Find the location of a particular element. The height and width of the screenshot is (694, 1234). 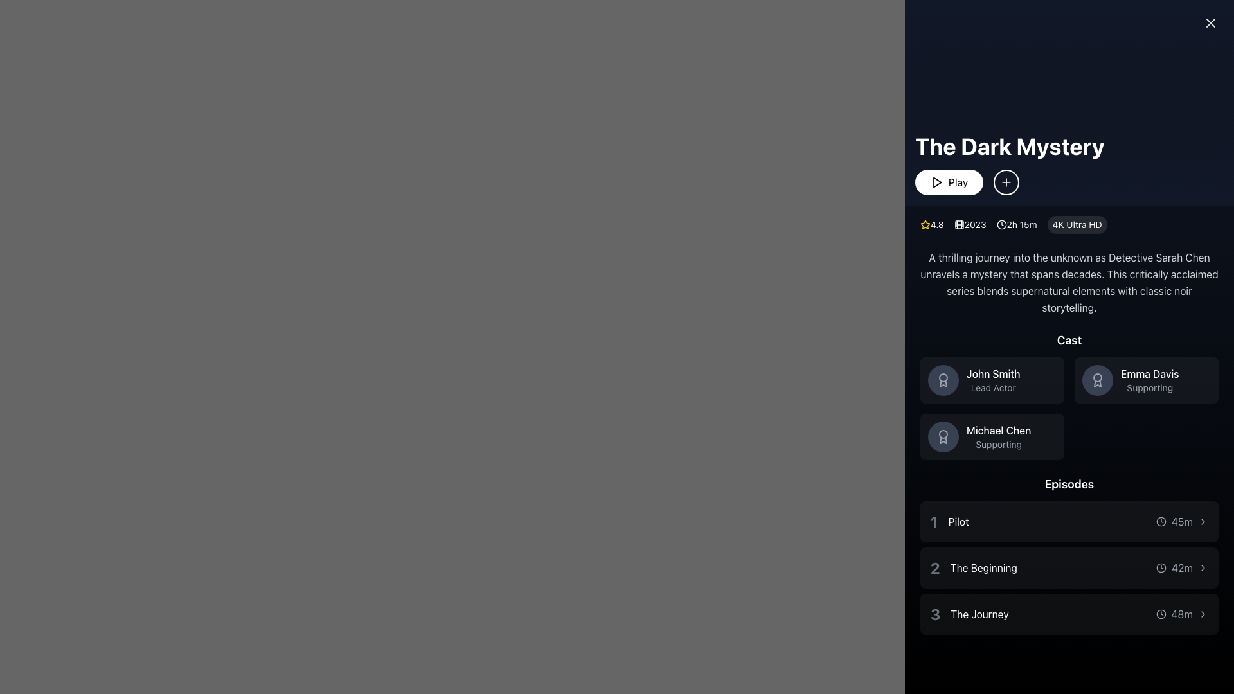

text label displaying '42m' which is located to the right of the second episode title 'The Beginning' in the episode list is located at coordinates (1182, 567).